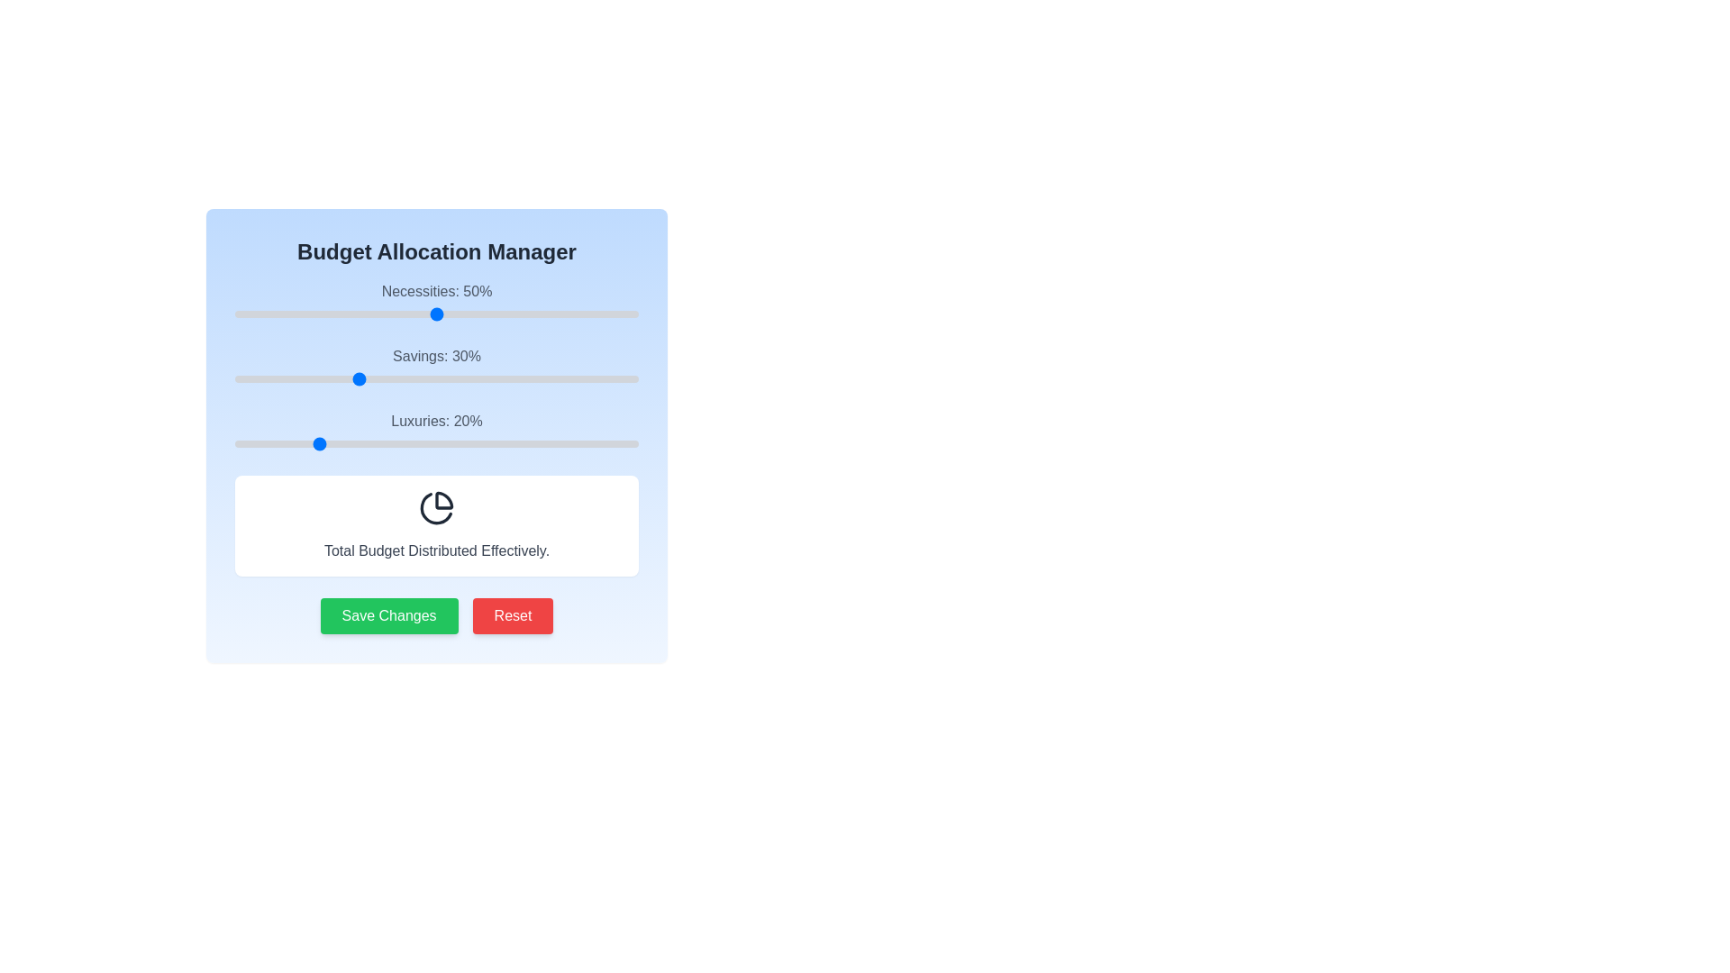 The image size is (1730, 973). Describe the element at coordinates (544, 377) in the screenshot. I see `the savings percentage` at that location.